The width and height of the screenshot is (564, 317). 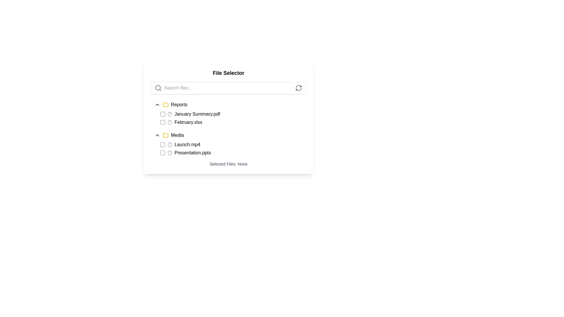 I want to click on the file entry labeled 'February.xlsx', so click(x=233, y=122).